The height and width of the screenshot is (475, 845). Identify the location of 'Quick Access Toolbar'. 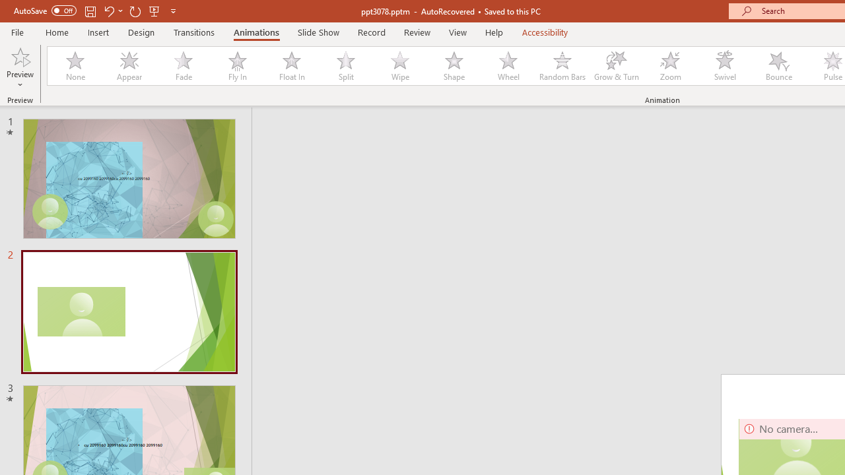
(95, 11).